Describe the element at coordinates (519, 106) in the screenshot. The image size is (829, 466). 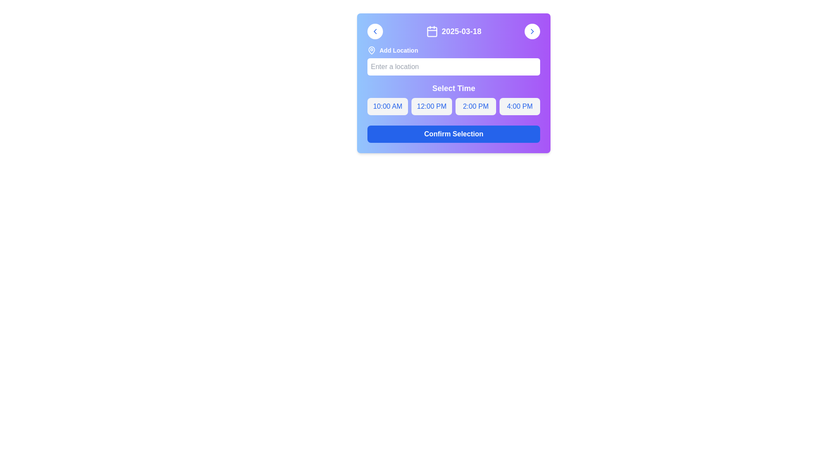
I see `the button displaying '4:00 PM' with rounded edges and a light grey background` at that location.